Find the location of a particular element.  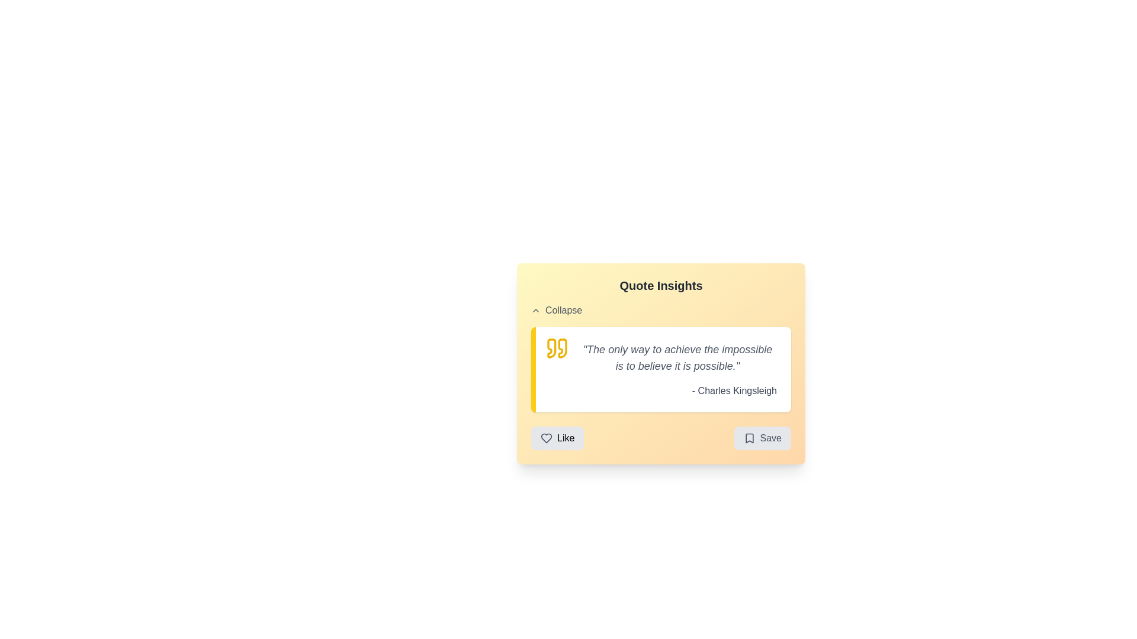

the 'Like' button, a small button with a gray background and a heart icon is located at coordinates (557, 438).